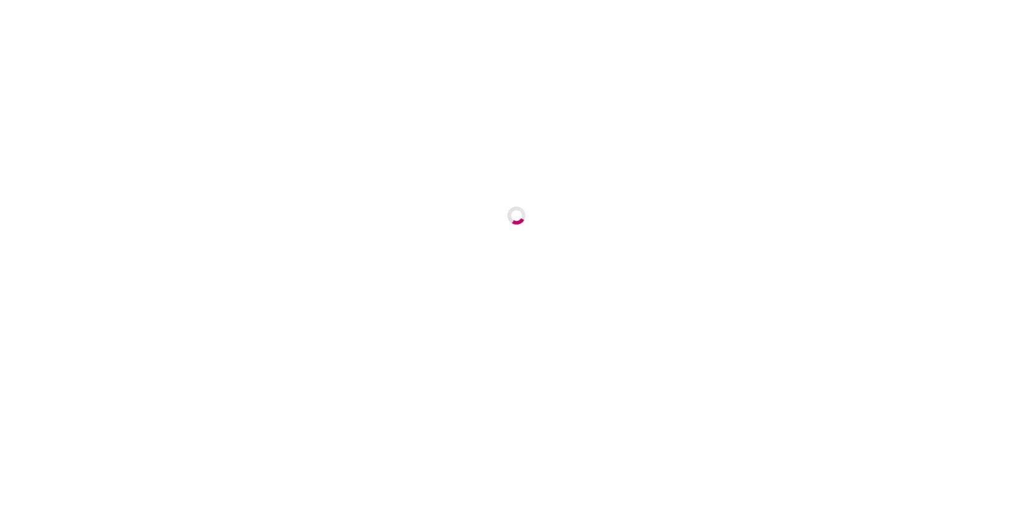 This screenshot has height=520, width=1033. What do you see at coordinates (799, 357) in the screenshot?
I see `'.'` at bounding box center [799, 357].